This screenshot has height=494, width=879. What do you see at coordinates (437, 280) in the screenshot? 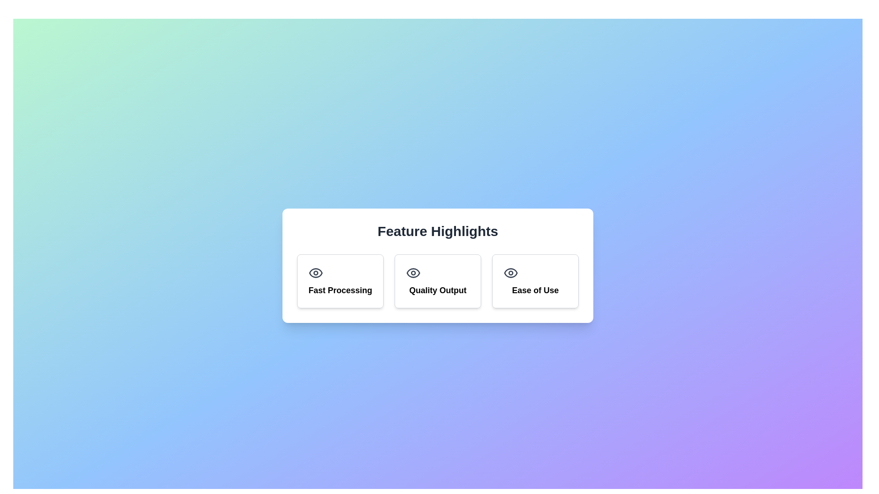
I see `the Informational Card titled 'Quality Output' located in the middle of the grid under 'Feature Highlights'` at bounding box center [437, 280].